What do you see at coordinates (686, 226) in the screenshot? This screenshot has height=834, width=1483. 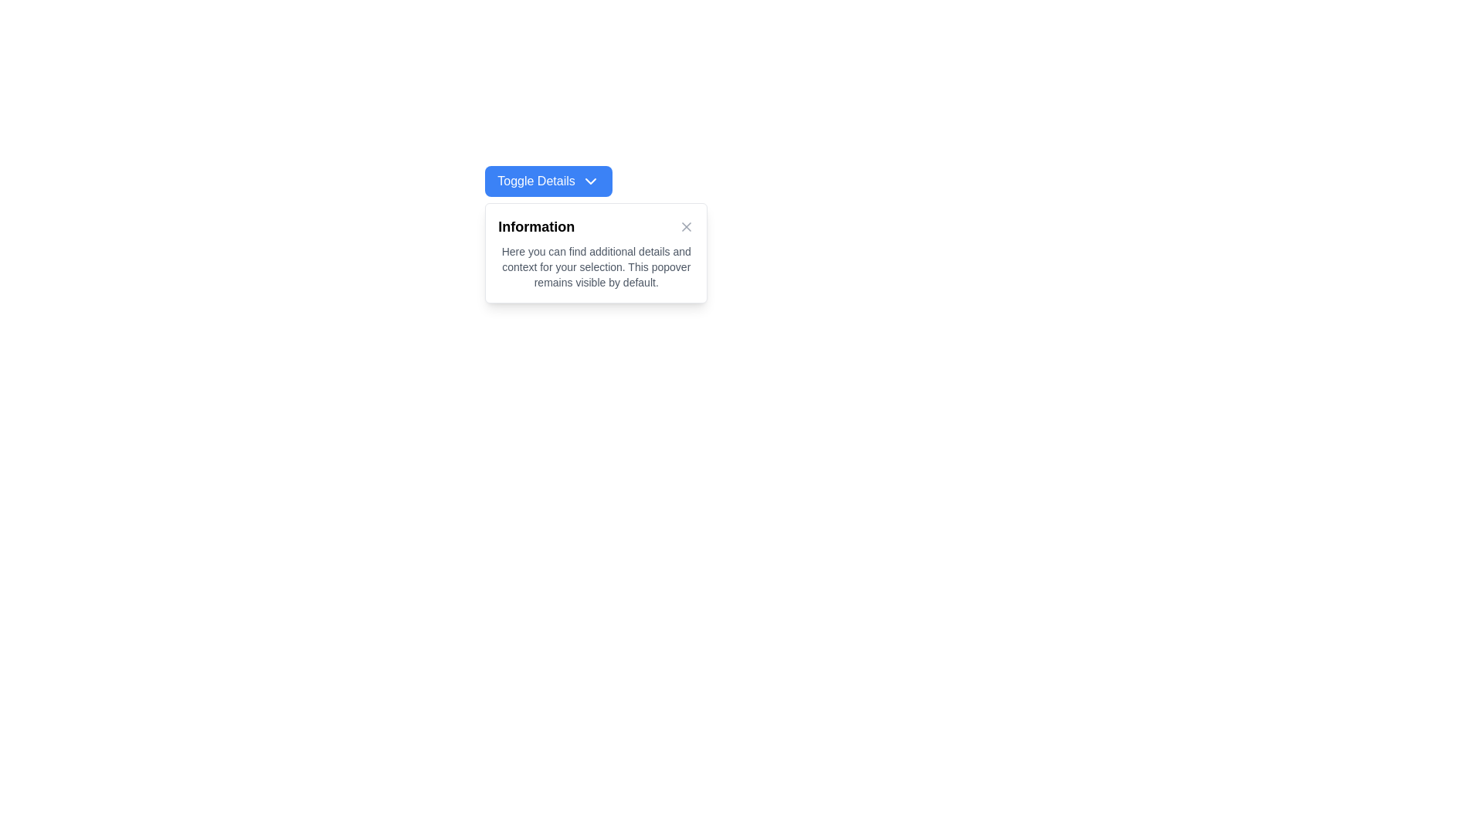 I see `the close button located at the top-right corner of the 'Information' box` at bounding box center [686, 226].